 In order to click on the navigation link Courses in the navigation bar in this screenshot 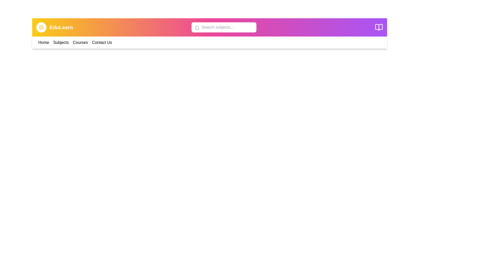, I will do `click(80, 42)`.